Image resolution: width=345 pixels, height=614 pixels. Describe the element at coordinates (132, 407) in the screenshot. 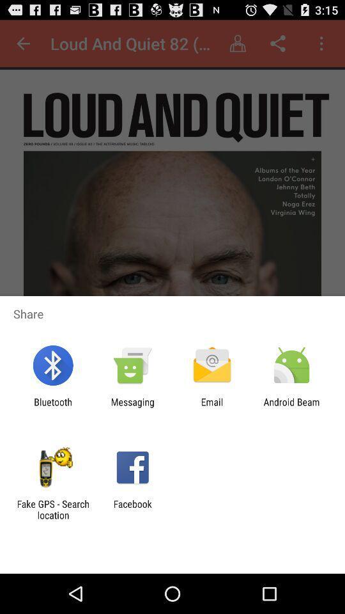

I see `the item next to the email` at that location.